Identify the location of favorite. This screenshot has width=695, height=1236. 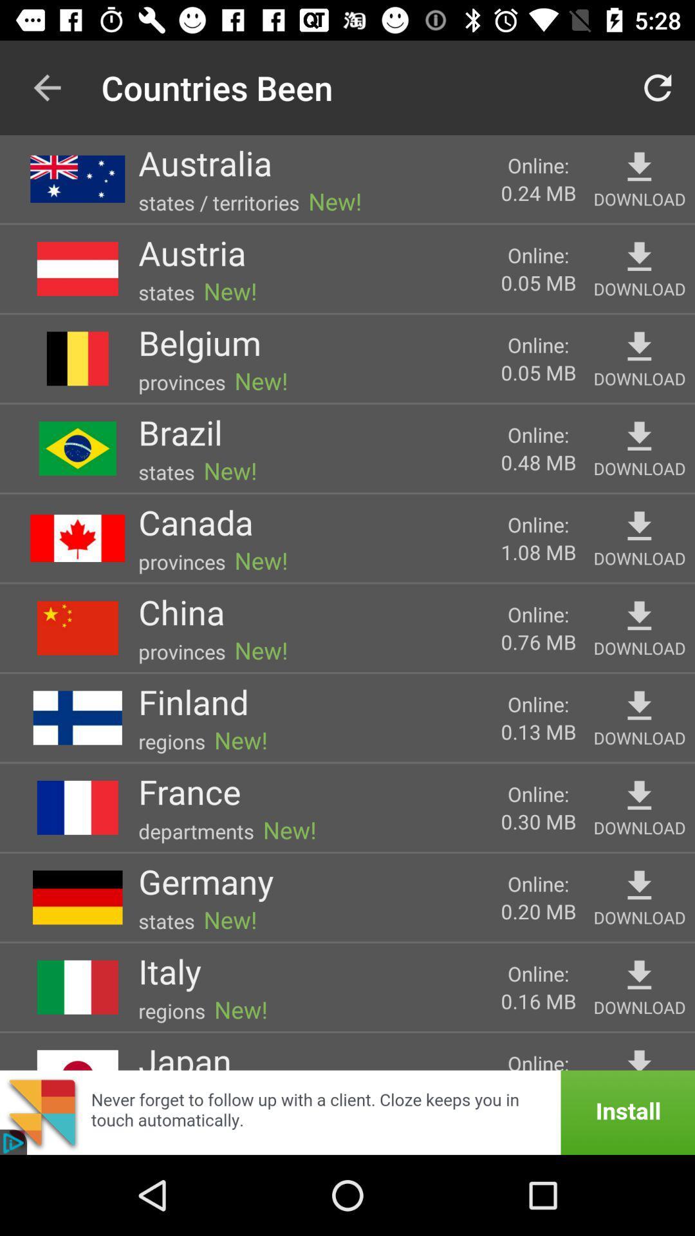
(639, 257).